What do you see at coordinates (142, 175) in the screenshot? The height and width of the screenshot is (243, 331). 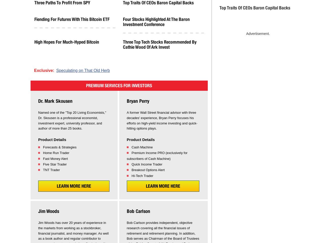 I see `'Hi-Tech Trader'` at bounding box center [142, 175].